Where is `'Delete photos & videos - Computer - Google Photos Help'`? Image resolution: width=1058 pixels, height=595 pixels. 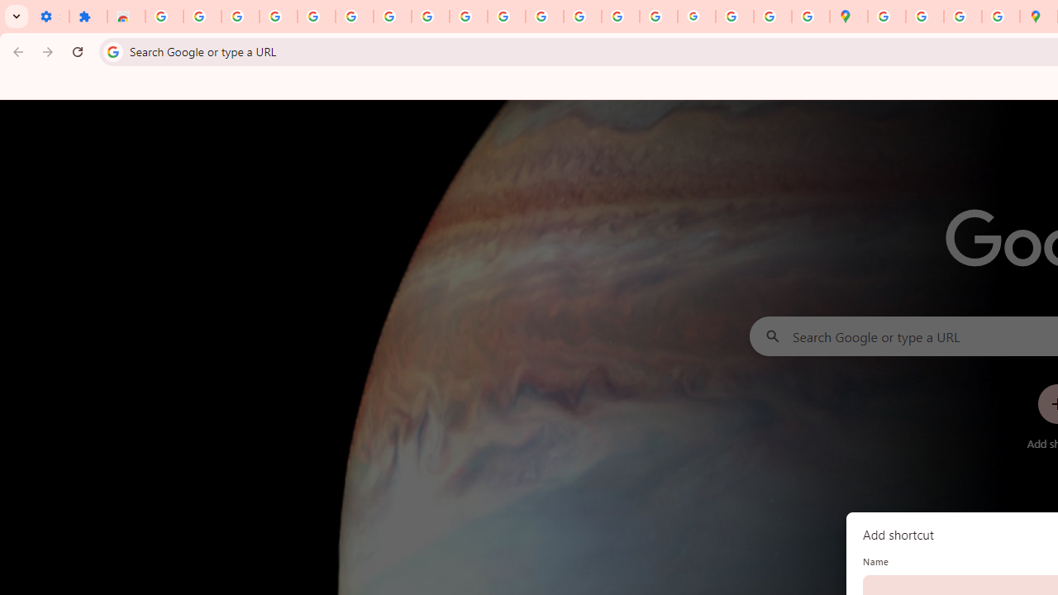
'Delete photos & videos - Computer - Google Photos Help' is located at coordinates (239, 17).